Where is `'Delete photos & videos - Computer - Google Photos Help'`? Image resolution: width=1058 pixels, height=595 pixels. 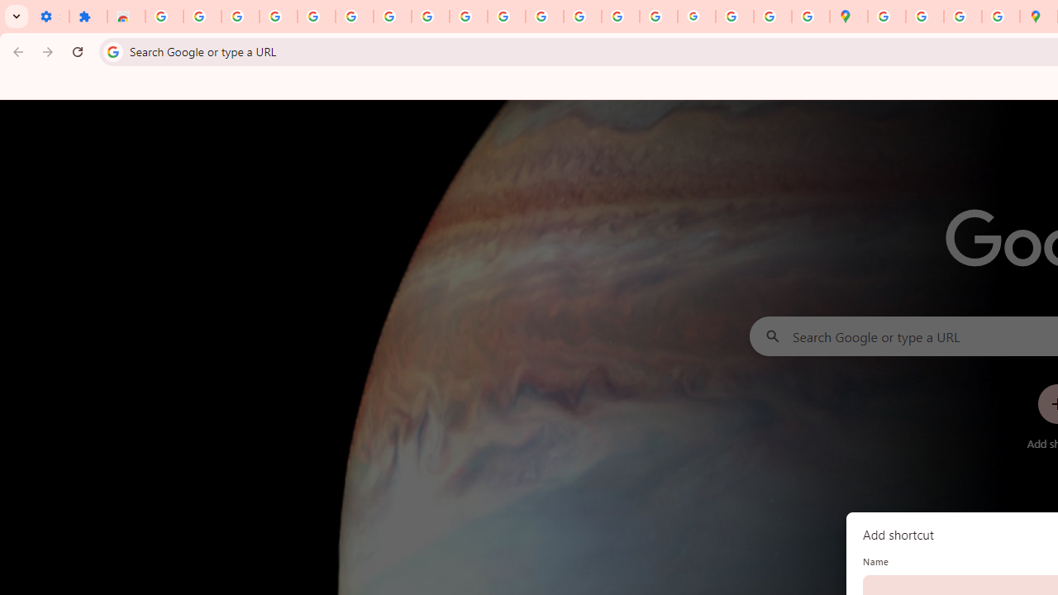
'Delete photos & videos - Computer - Google Photos Help' is located at coordinates (239, 17).